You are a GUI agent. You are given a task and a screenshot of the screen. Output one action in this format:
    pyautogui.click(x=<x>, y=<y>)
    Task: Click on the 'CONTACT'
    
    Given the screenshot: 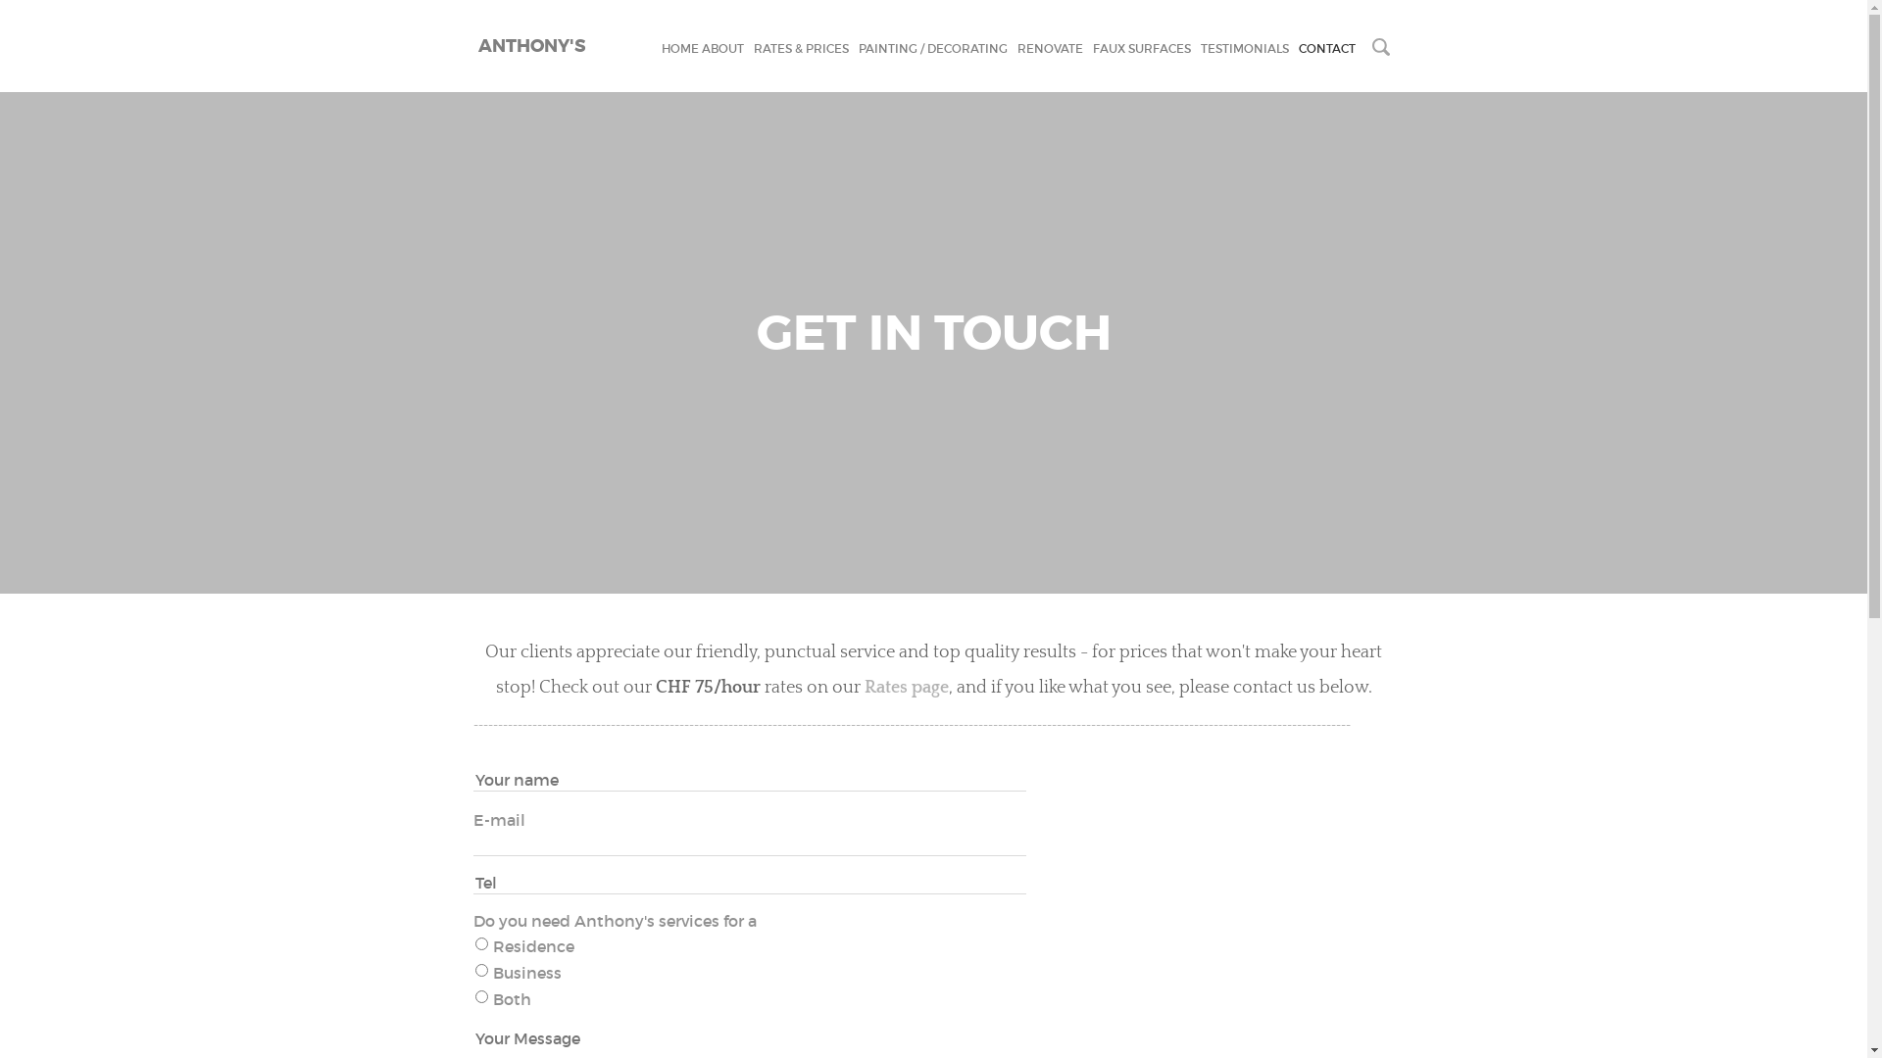 What is the action you would take?
    pyautogui.click(x=1326, y=47)
    